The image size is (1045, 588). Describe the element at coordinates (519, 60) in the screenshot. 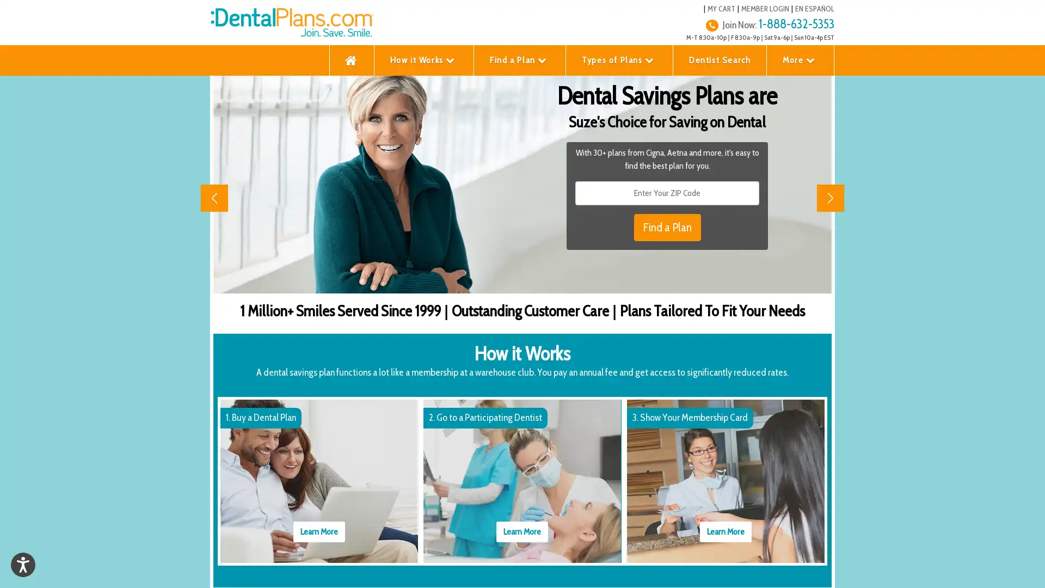

I see `Find a Plan` at that location.